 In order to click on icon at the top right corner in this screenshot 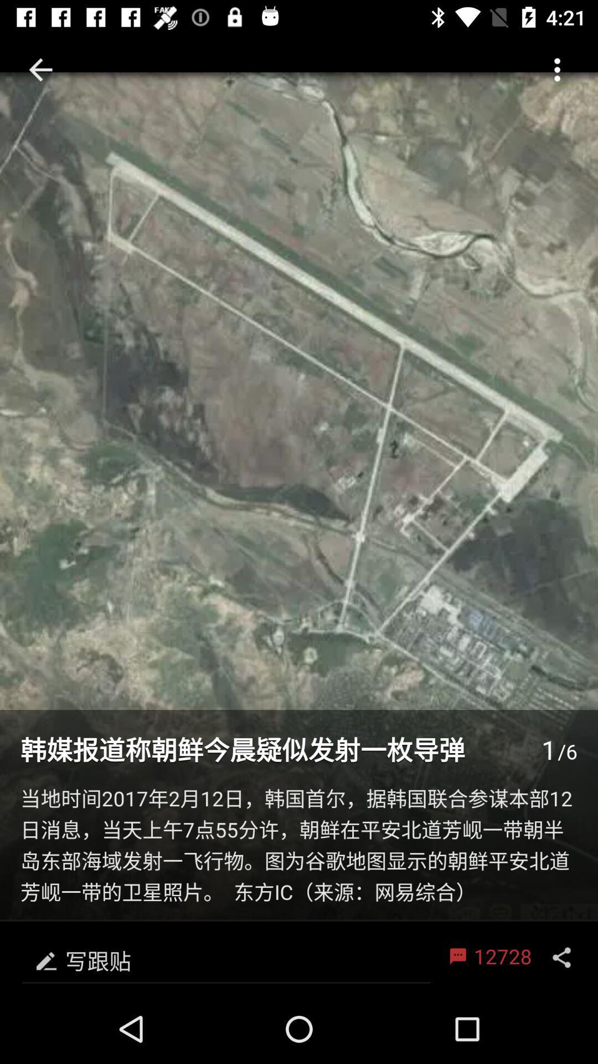, I will do `click(557, 69)`.